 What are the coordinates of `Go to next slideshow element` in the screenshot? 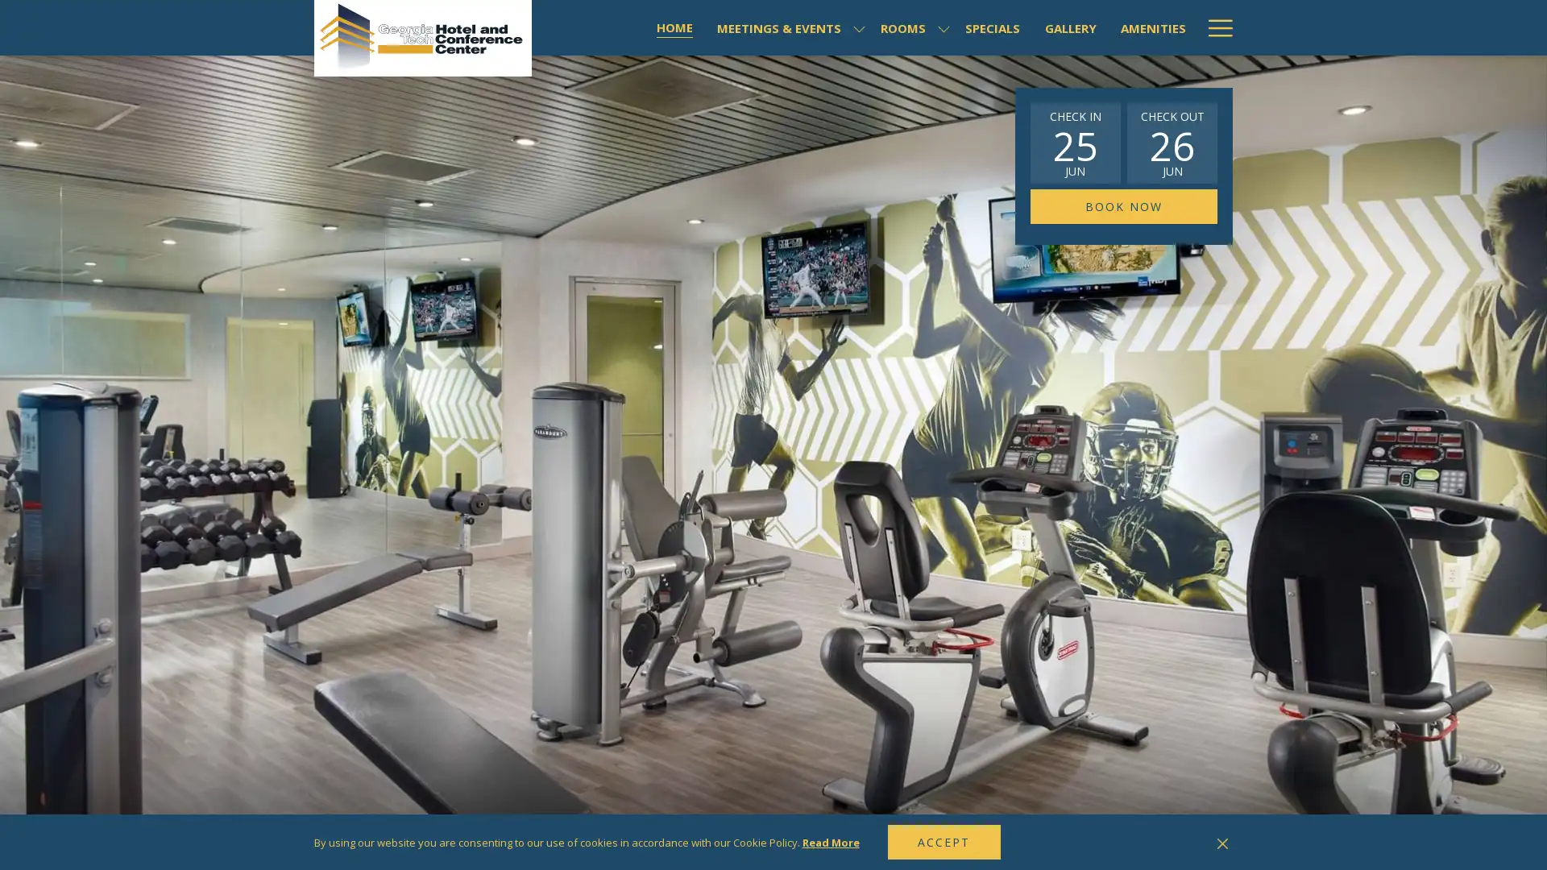 It's located at (1225, 843).